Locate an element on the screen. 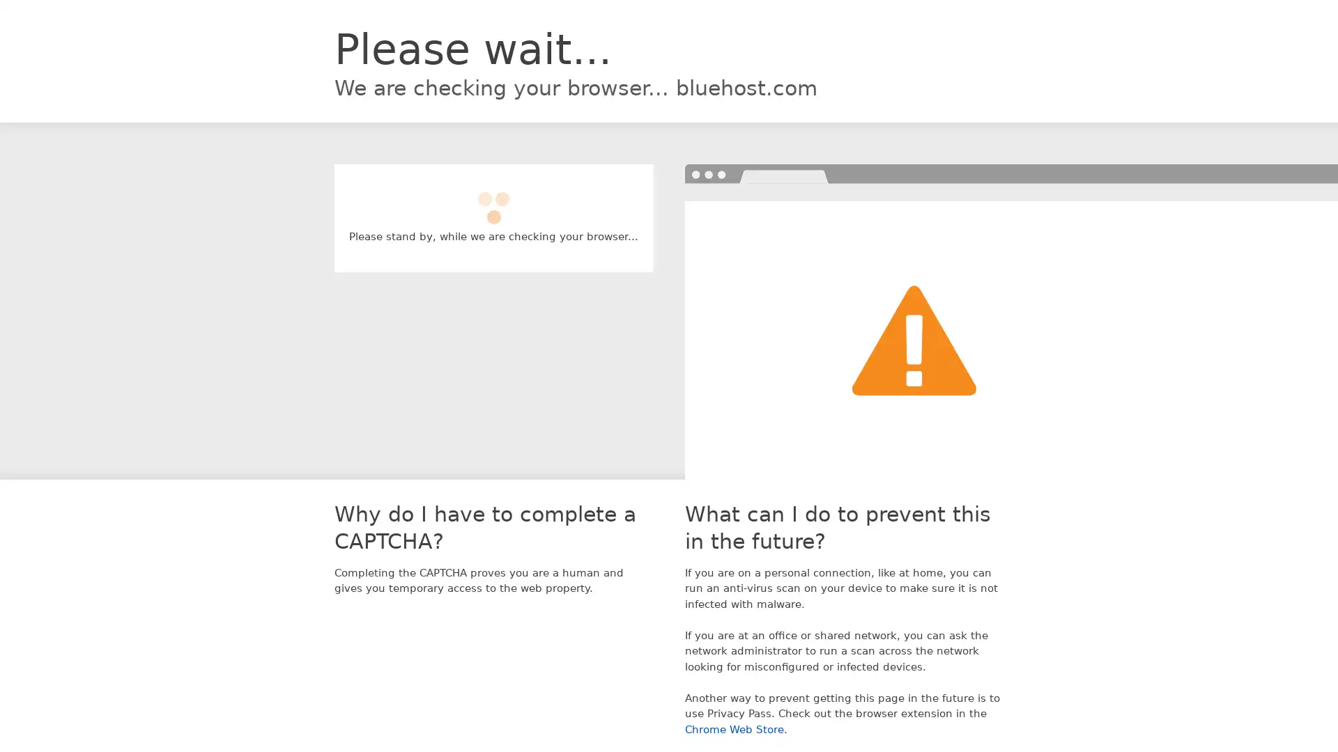  Verify I am not a bot is located at coordinates (493, 201).